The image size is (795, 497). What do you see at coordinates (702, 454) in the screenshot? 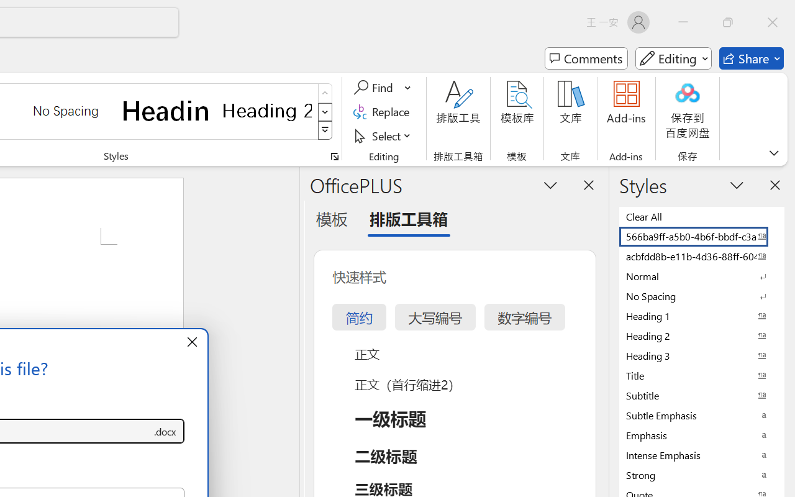
I see `'Intense Emphasis'` at bounding box center [702, 454].